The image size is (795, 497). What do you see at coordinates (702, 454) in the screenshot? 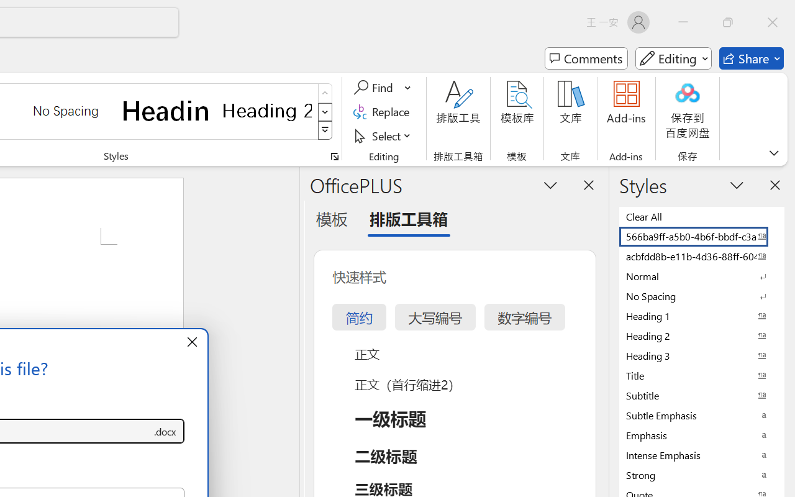
I see `'Intense Emphasis'` at bounding box center [702, 454].